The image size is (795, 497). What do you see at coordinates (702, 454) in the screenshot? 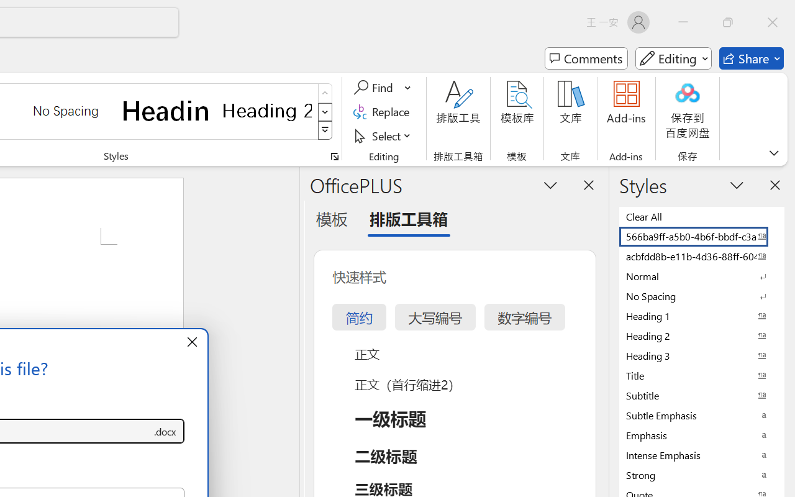
I see `'Intense Emphasis'` at bounding box center [702, 454].